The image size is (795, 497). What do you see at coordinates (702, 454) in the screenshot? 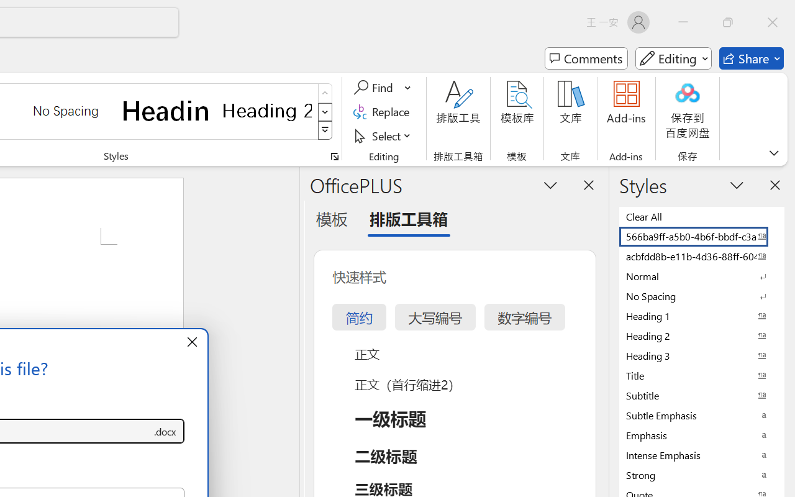
I see `'Intense Emphasis'` at bounding box center [702, 454].